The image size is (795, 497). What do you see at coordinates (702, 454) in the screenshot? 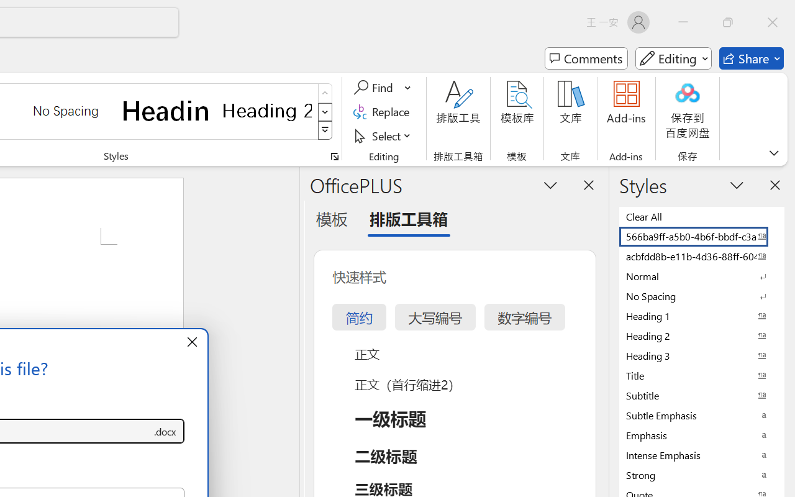
I see `'Intense Emphasis'` at bounding box center [702, 454].